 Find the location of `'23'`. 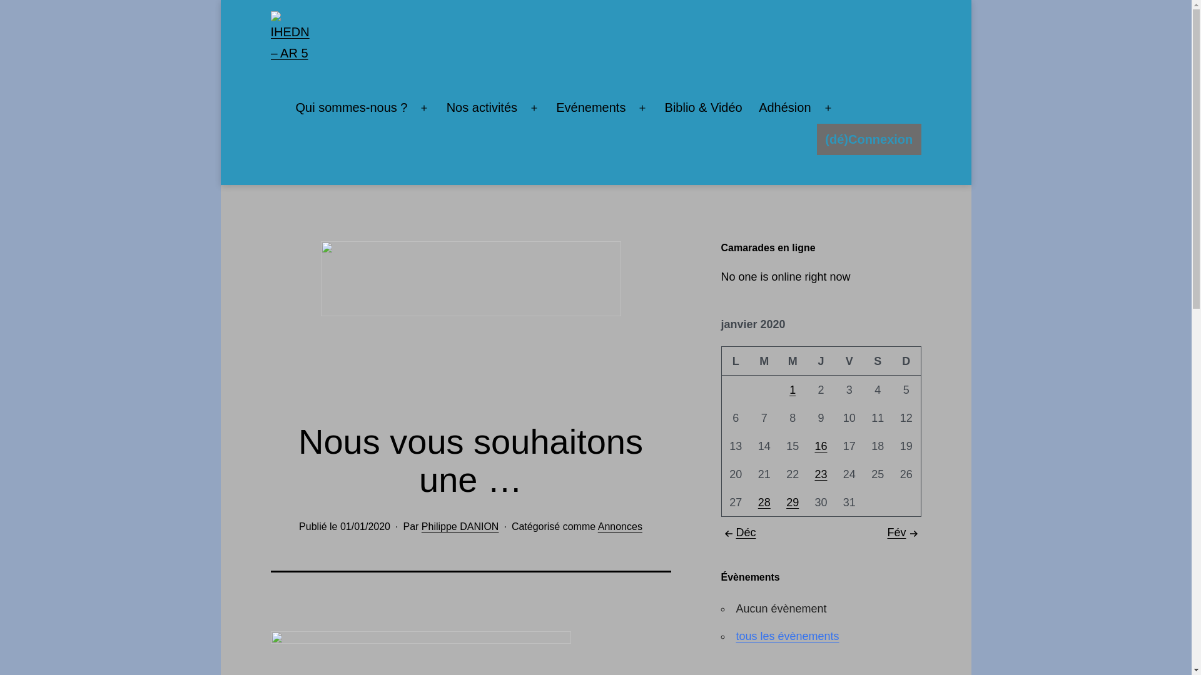

'23' is located at coordinates (820, 474).